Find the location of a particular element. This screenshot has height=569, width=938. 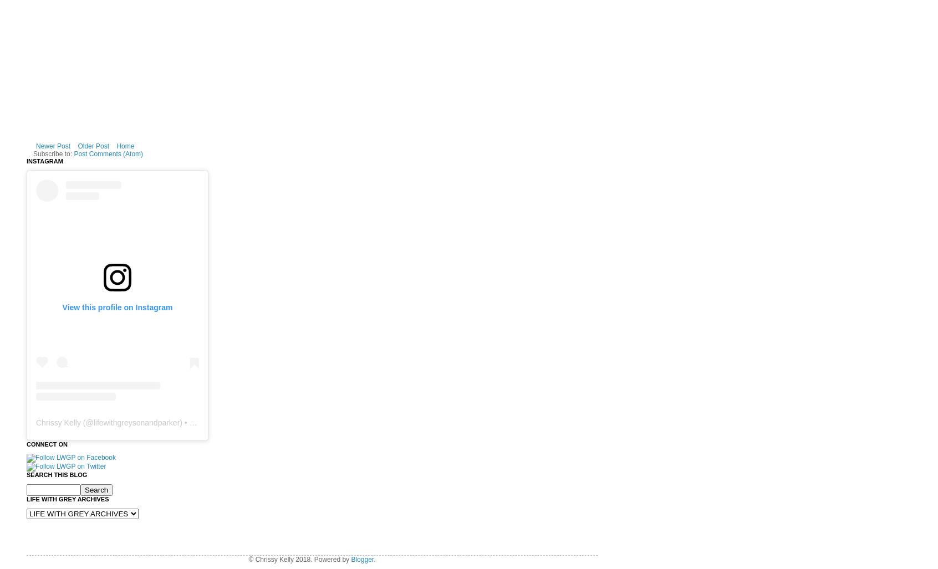

'Newer Post' is located at coordinates (53, 146).